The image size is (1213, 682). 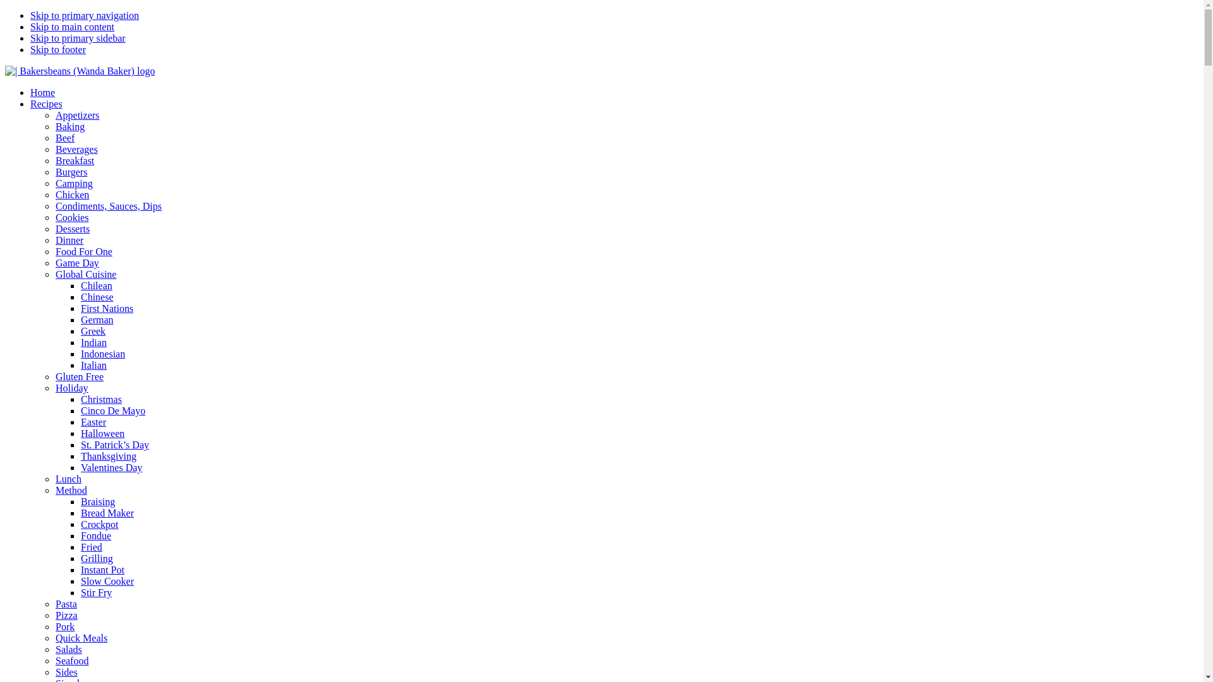 What do you see at coordinates (111, 467) in the screenshot?
I see `'Valentines Day'` at bounding box center [111, 467].